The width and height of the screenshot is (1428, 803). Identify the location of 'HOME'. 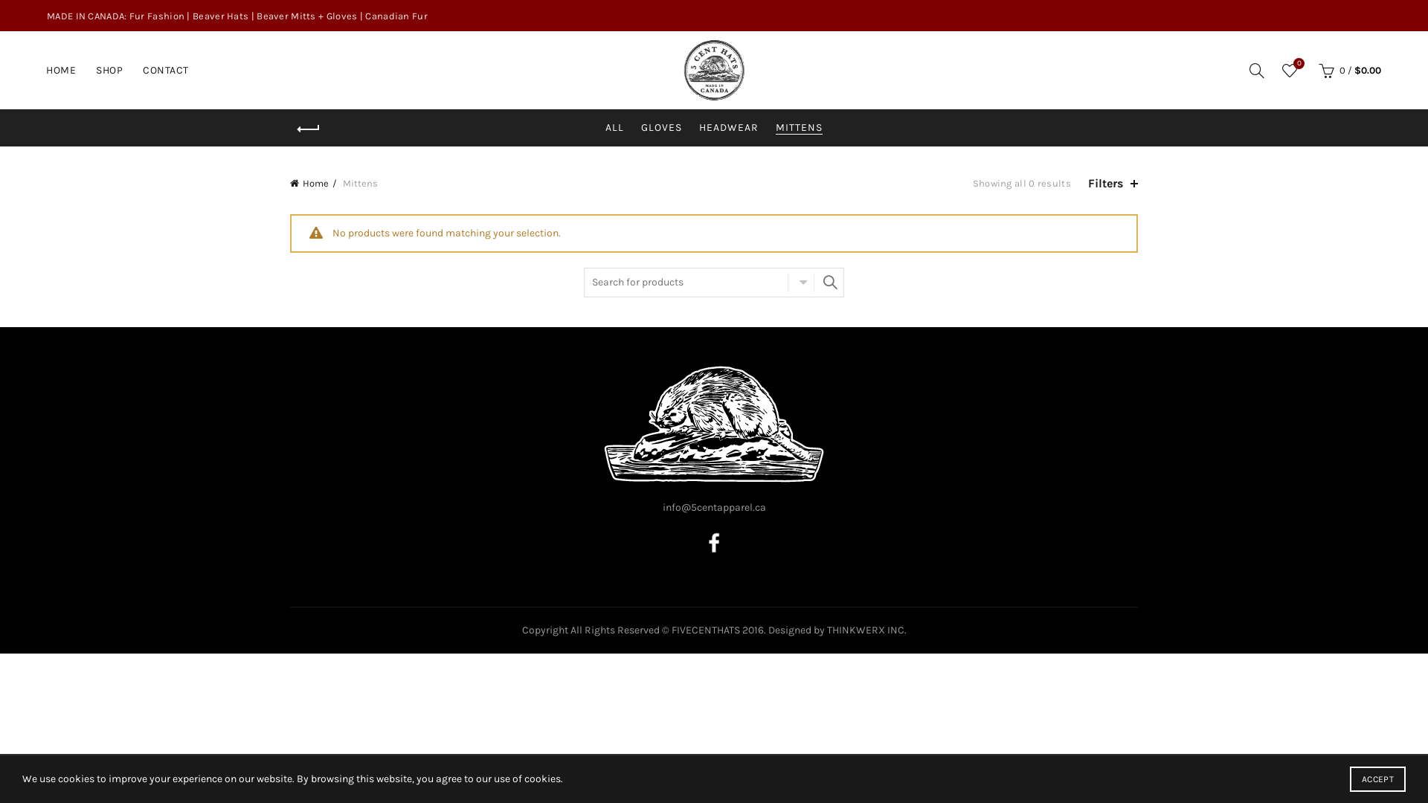
(36, 70).